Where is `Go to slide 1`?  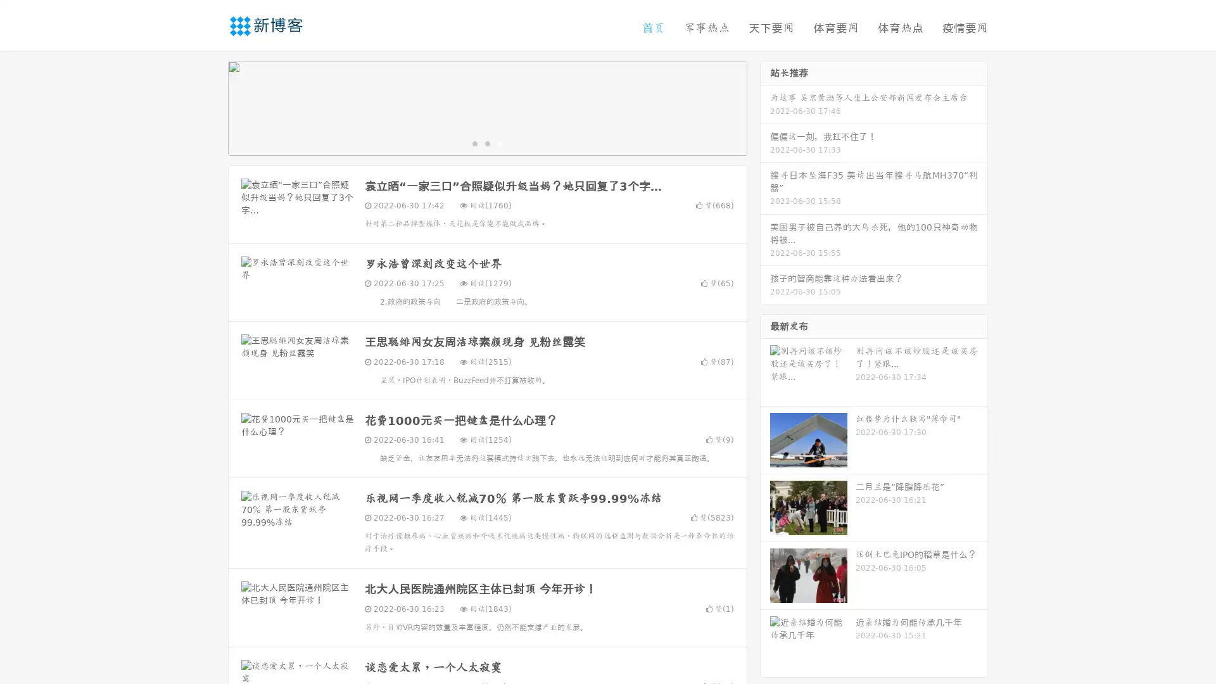
Go to slide 1 is located at coordinates (474, 142).